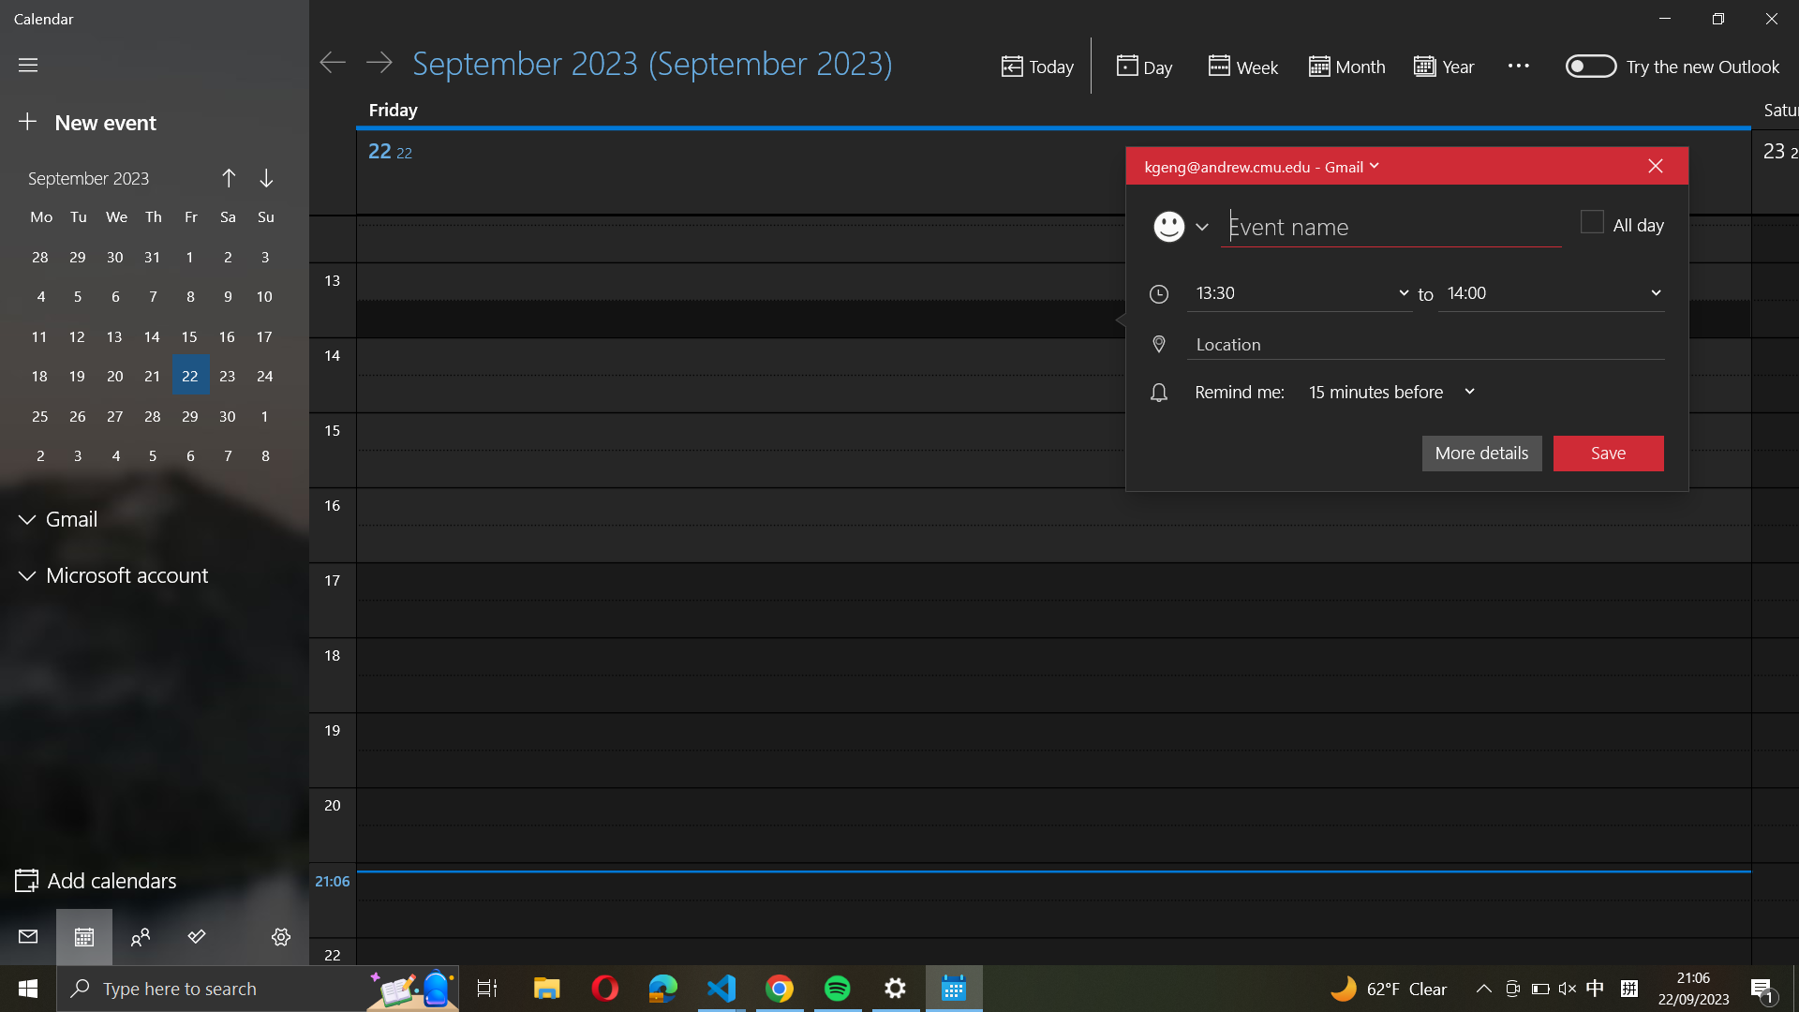 This screenshot has height=1012, width=1799. I want to click on Display the monthly calendar view, so click(1344, 67).